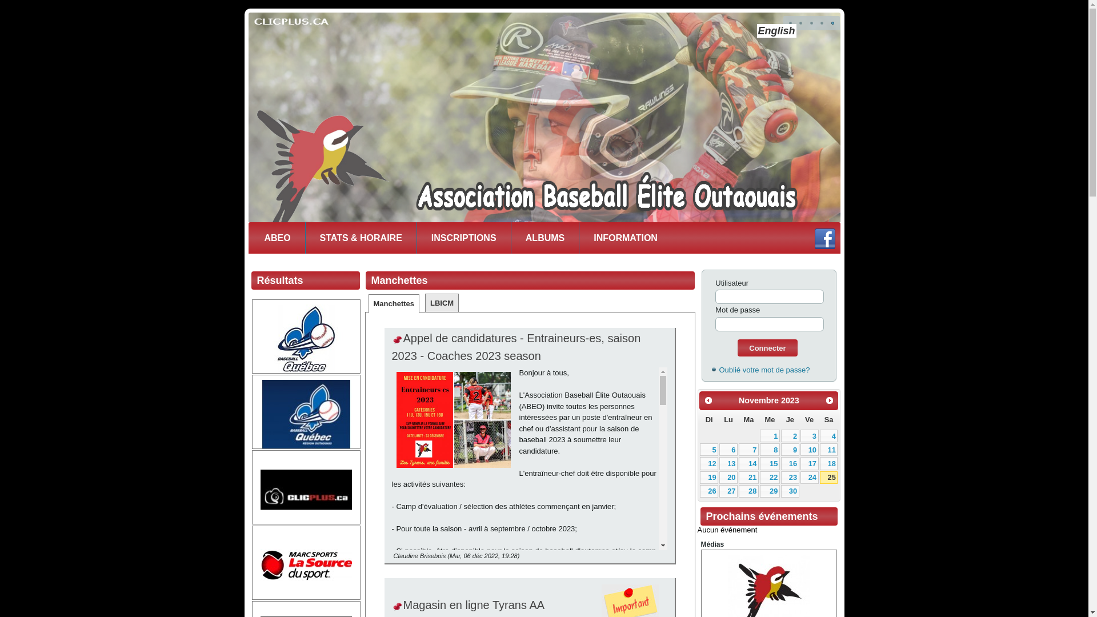 The image size is (1097, 617). I want to click on '28', so click(748, 491).